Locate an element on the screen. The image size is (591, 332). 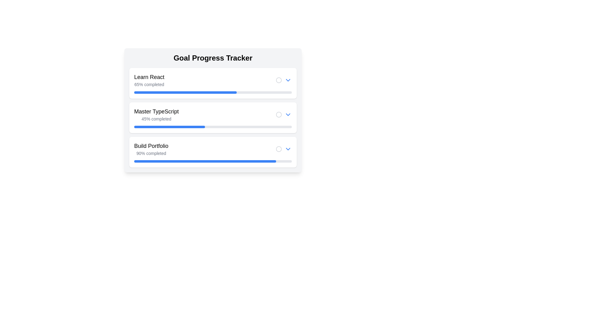
the progress bar representing the 'Master TypeScript' task, which visually indicates 45% completion is located at coordinates (213, 126).